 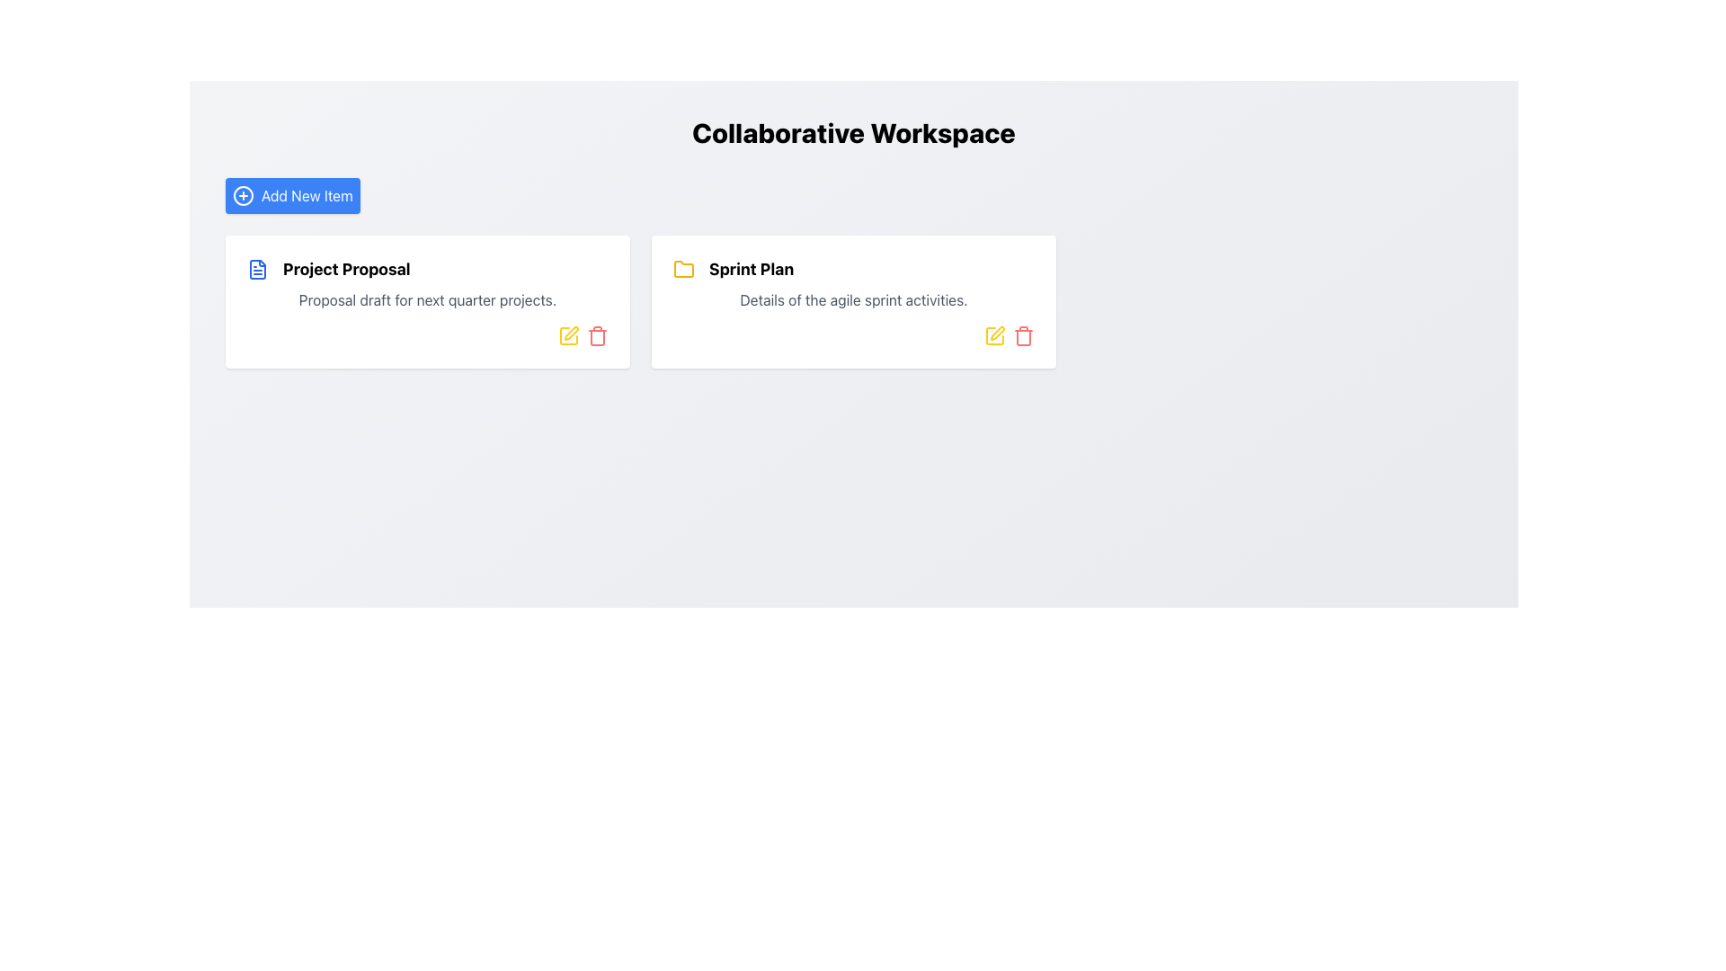 What do you see at coordinates (853, 299) in the screenshot?
I see `the Text Label that reads 'Details of the agile sprint activities.' located under the 'Sprint Plan' title in the right central card of the interface` at bounding box center [853, 299].